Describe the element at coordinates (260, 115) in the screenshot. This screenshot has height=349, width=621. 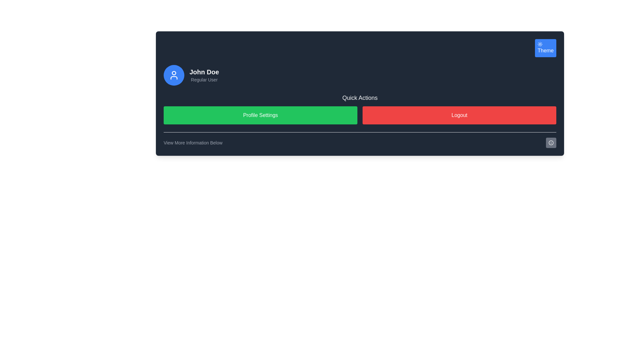
I see `the 'Profile Settings' button, which is a horizontally elongated component with rounded corners and a green background` at that location.